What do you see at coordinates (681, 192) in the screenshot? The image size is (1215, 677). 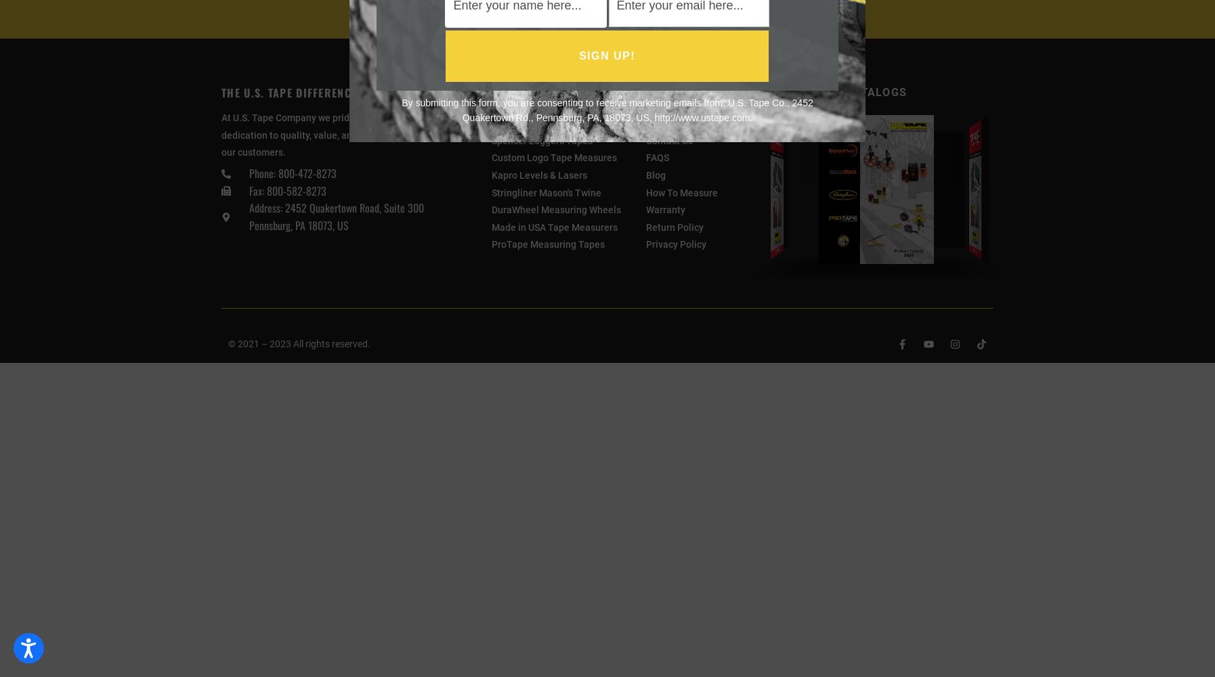 I see `'How To Measure'` at bounding box center [681, 192].